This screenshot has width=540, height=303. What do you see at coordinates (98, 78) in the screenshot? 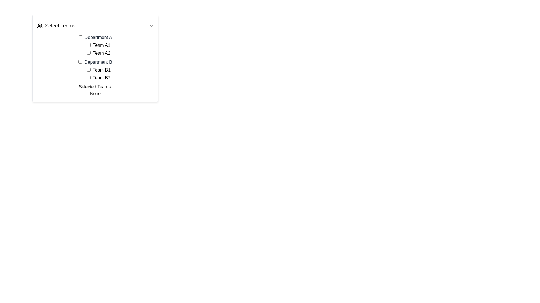
I see `the text label 'Team B2' located under 'Department B', which is the last item in the list and is positioned to the right of a checkbox` at bounding box center [98, 78].